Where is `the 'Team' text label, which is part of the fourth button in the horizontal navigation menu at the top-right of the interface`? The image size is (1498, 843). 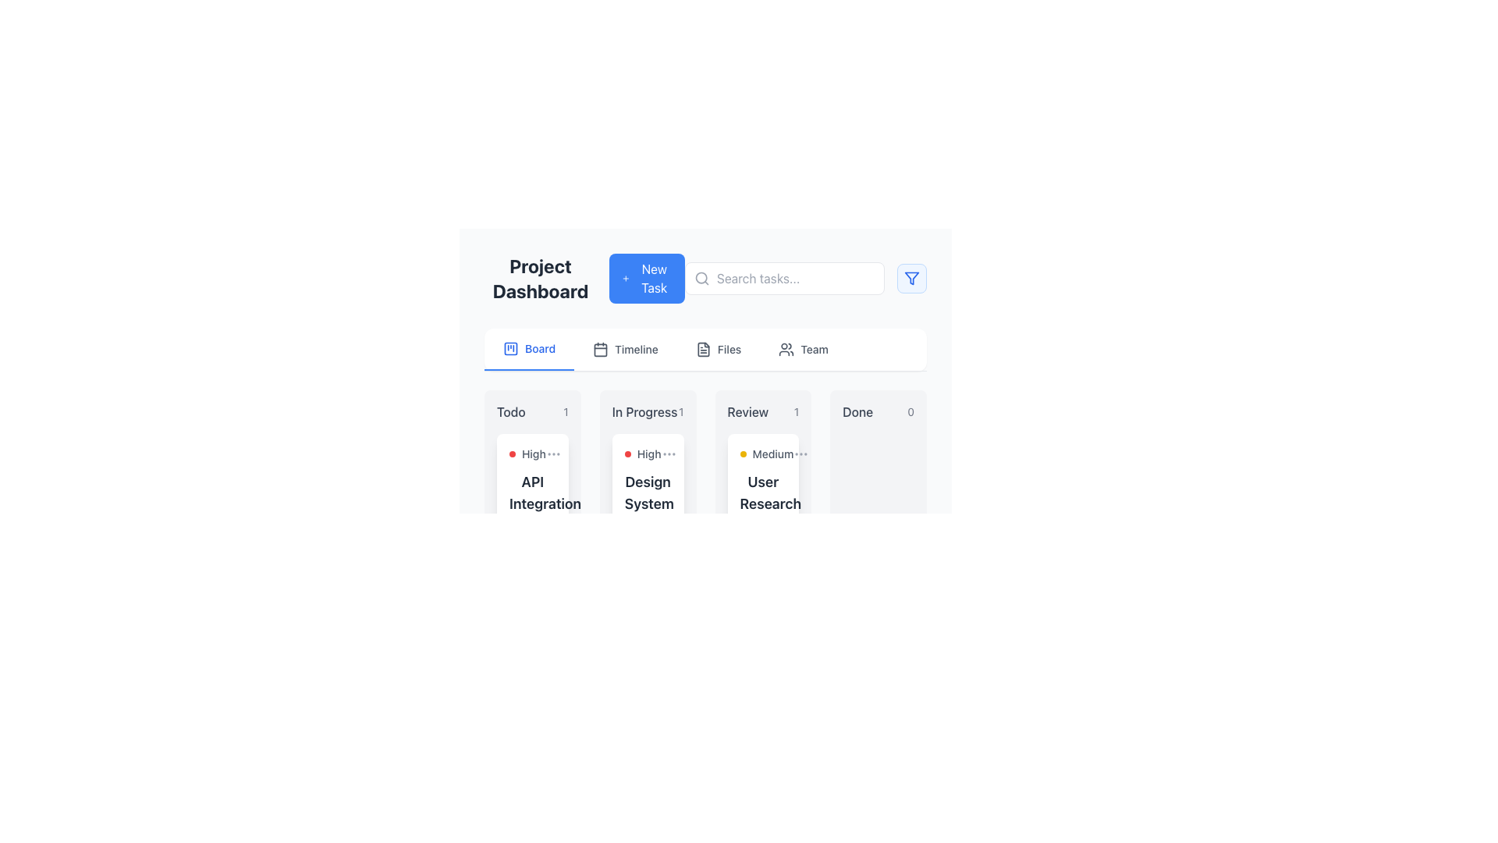
the 'Team' text label, which is part of the fourth button in the horizontal navigation menu at the top-right of the interface is located at coordinates (814, 348).